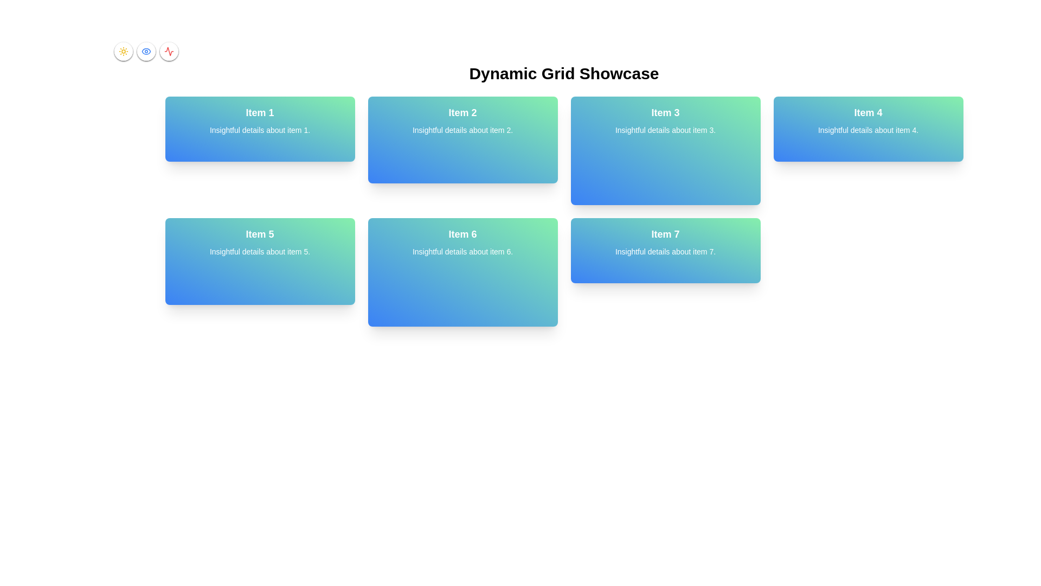 This screenshot has height=586, width=1041. What do you see at coordinates (259, 251) in the screenshot?
I see `the static text element providing additional information about 'Item 5', located in the lower section of the card labeled 'Item 5' in the second row of a grid layout` at bounding box center [259, 251].